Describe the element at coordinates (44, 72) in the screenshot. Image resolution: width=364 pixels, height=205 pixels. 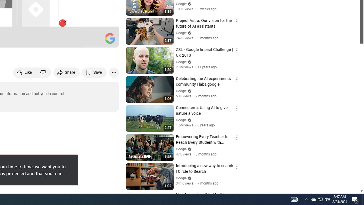
I see `'Dislike this video'` at that location.